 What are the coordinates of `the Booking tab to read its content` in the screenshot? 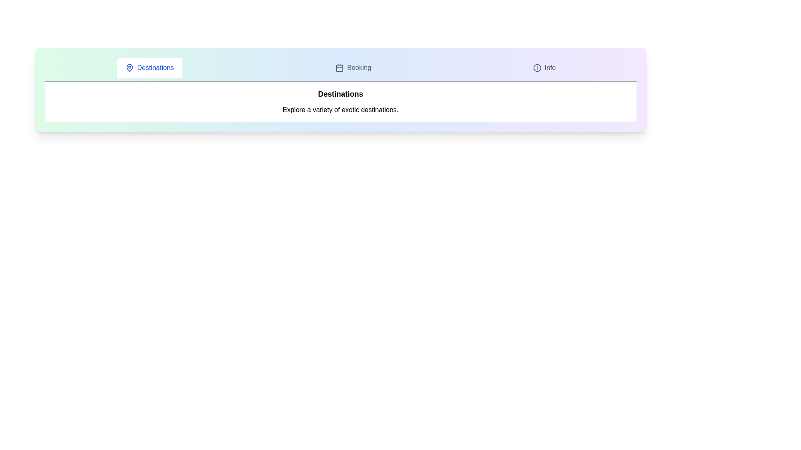 It's located at (353, 67).